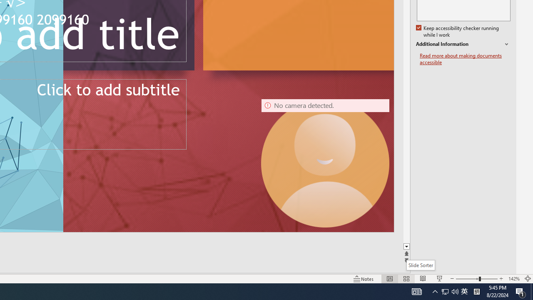  What do you see at coordinates (527, 279) in the screenshot?
I see `'Zoom to Fit '` at bounding box center [527, 279].